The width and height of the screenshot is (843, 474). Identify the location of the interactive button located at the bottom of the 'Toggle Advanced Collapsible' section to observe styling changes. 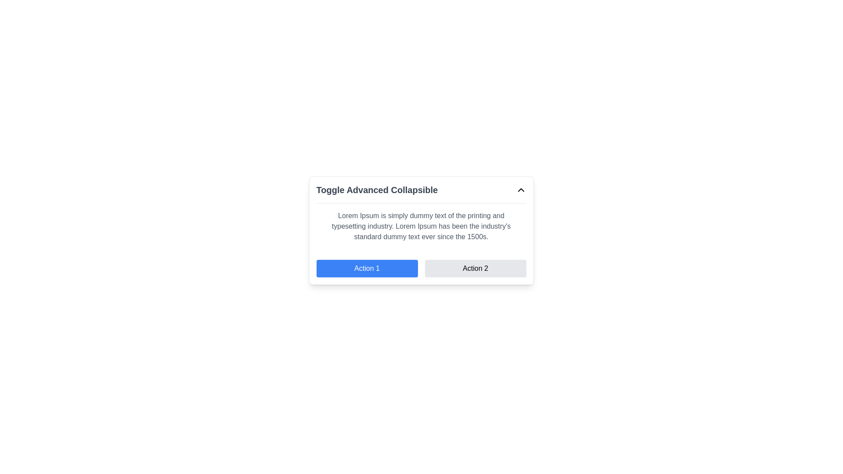
(367, 268).